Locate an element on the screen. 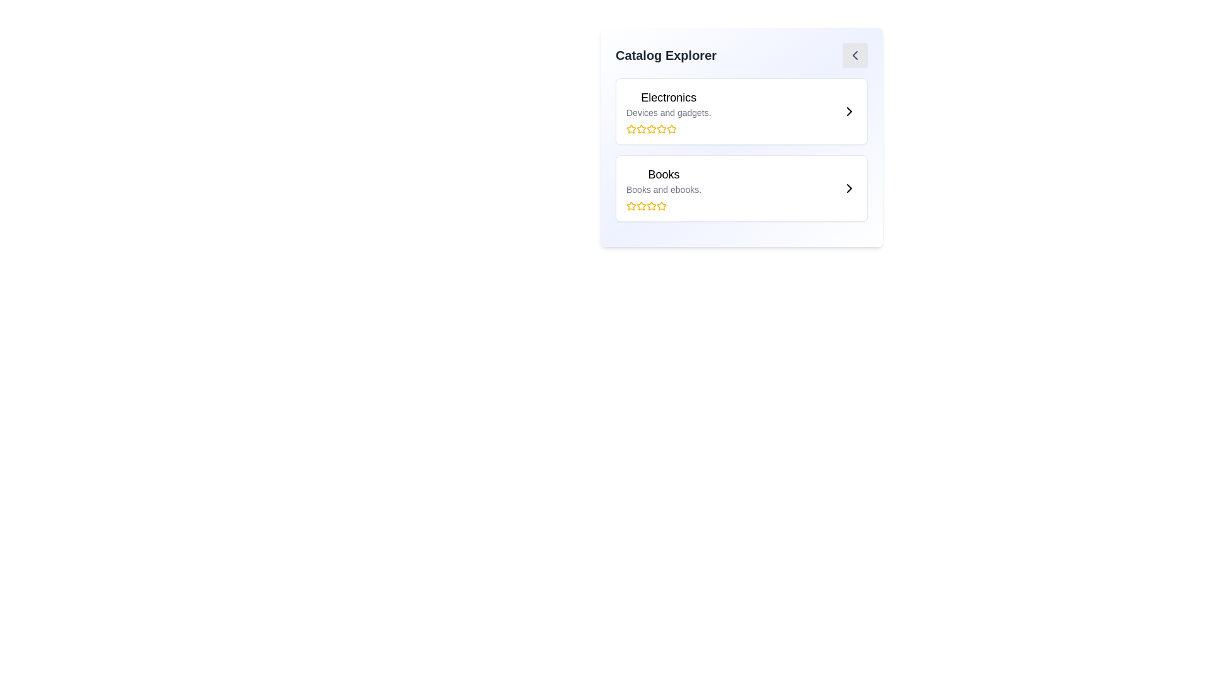  the first star icon in the row of 5 star icons located below the 'Books' section within the 'Catalog Explorer' interface is located at coordinates (631, 205).